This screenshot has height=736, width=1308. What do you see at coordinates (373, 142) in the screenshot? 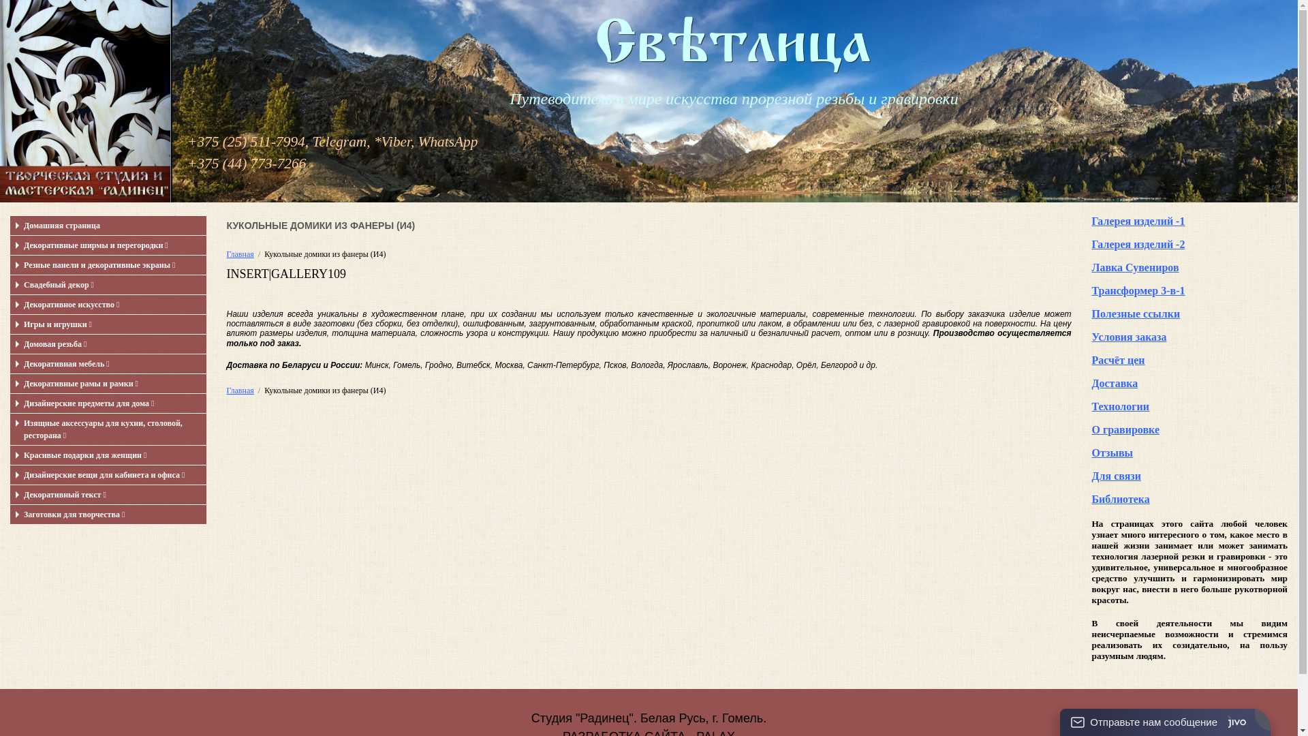
I see `'*'` at bounding box center [373, 142].